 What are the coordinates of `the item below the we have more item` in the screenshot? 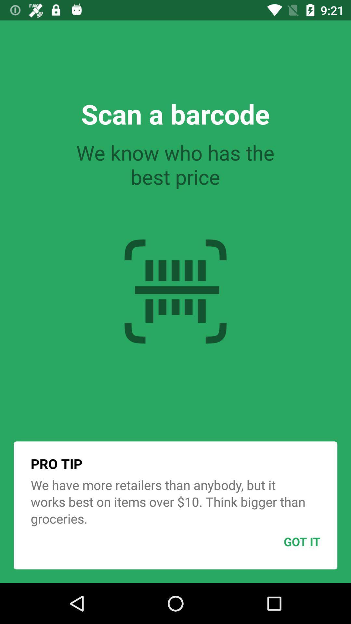 It's located at (286, 541).